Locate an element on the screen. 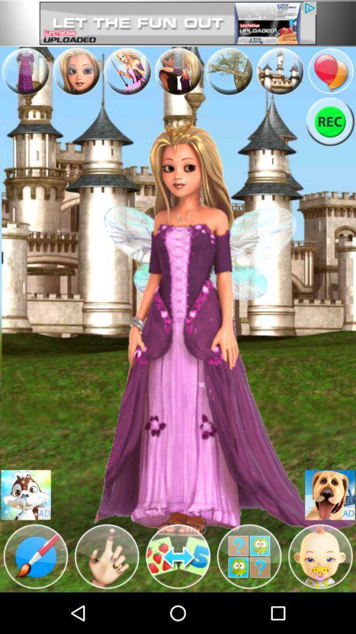  paint in draw the image is located at coordinates (36, 555).